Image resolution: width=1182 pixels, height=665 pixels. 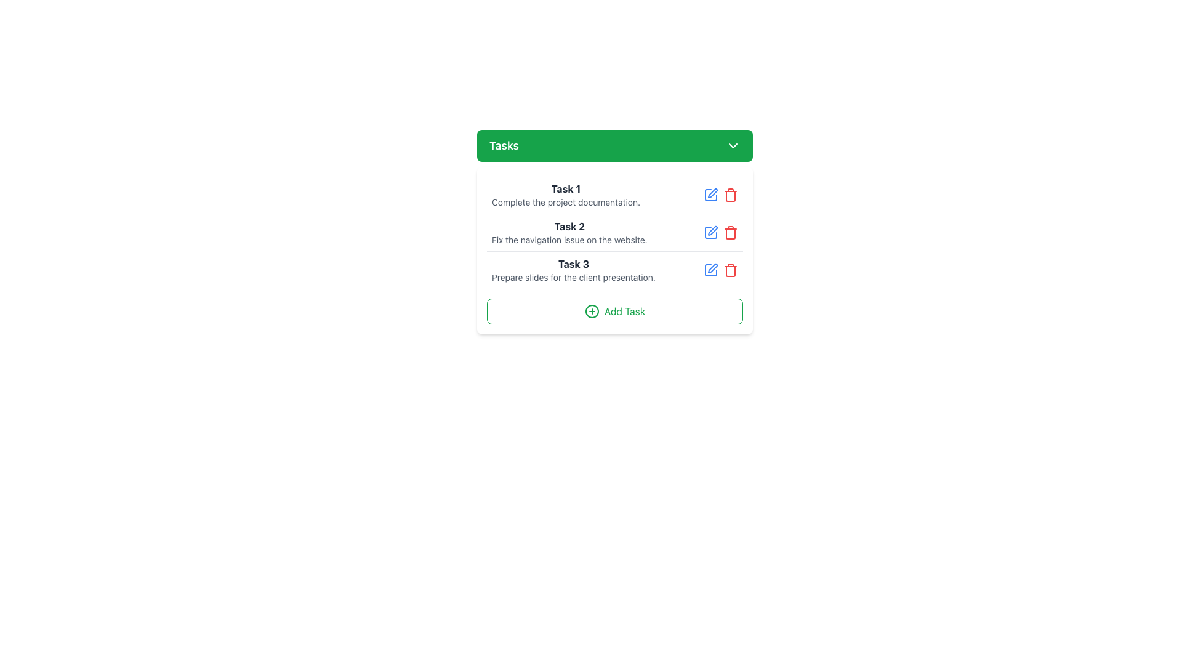 What do you see at coordinates (730, 233) in the screenshot?
I see `the trash can icon button` at bounding box center [730, 233].